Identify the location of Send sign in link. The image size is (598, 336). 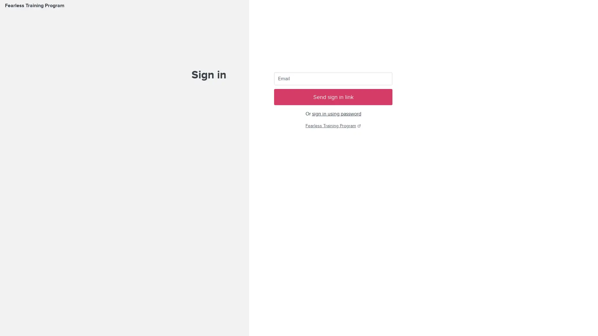
(333, 97).